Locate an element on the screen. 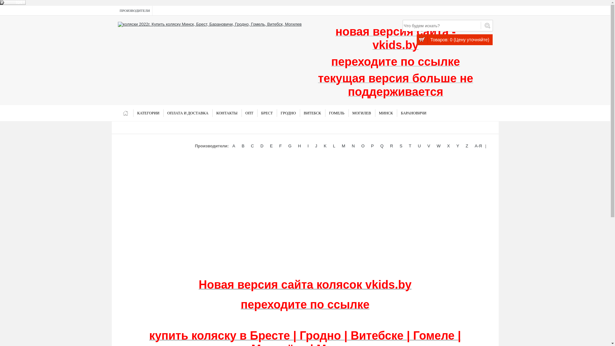 This screenshot has height=346, width=615. 'Z' is located at coordinates (467, 146).